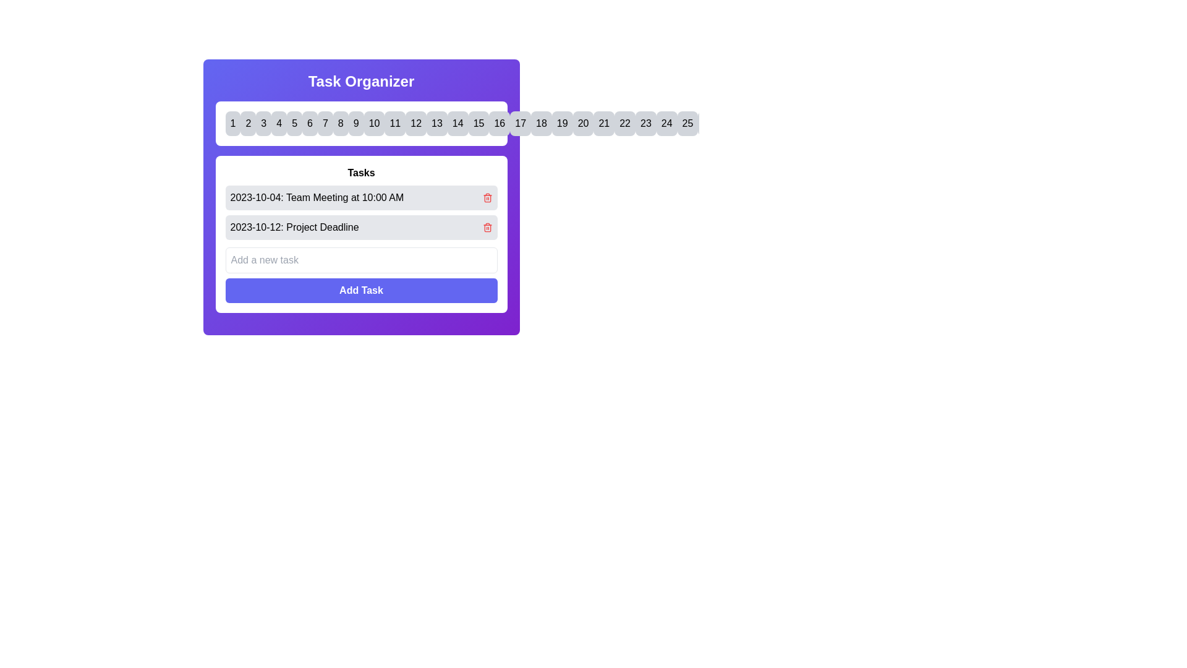 Image resolution: width=1187 pixels, height=668 pixels. Describe the element at coordinates (394, 124) in the screenshot. I see `the 11th button in the horizontal sequence of buttons representing numbers` at that location.